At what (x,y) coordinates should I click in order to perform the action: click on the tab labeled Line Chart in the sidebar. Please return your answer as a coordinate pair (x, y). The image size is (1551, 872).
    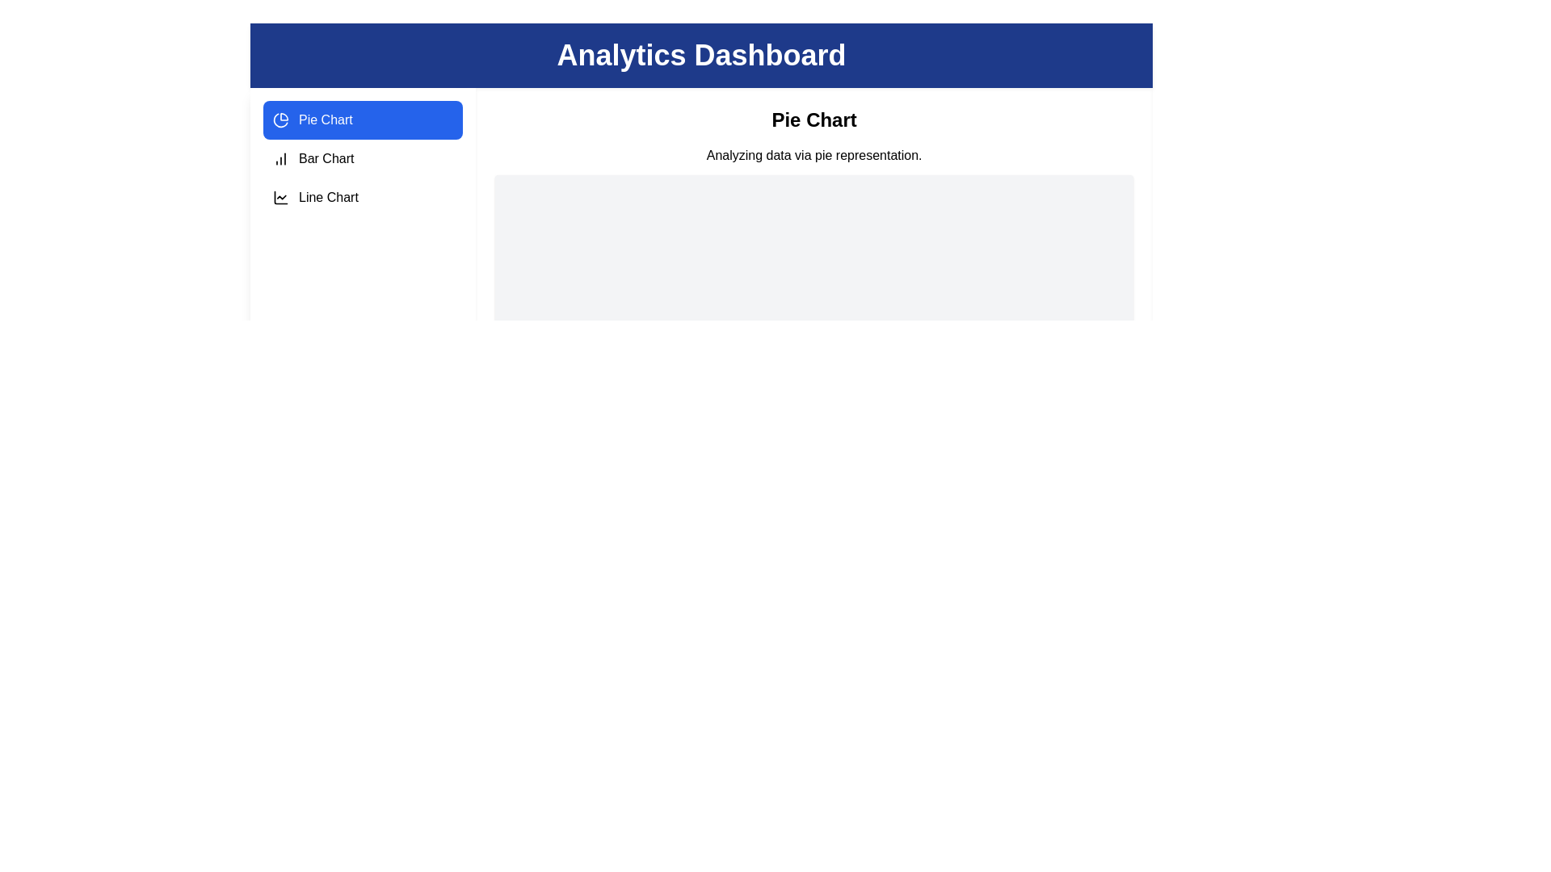
    Looking at the image, I should click on (362, 197).